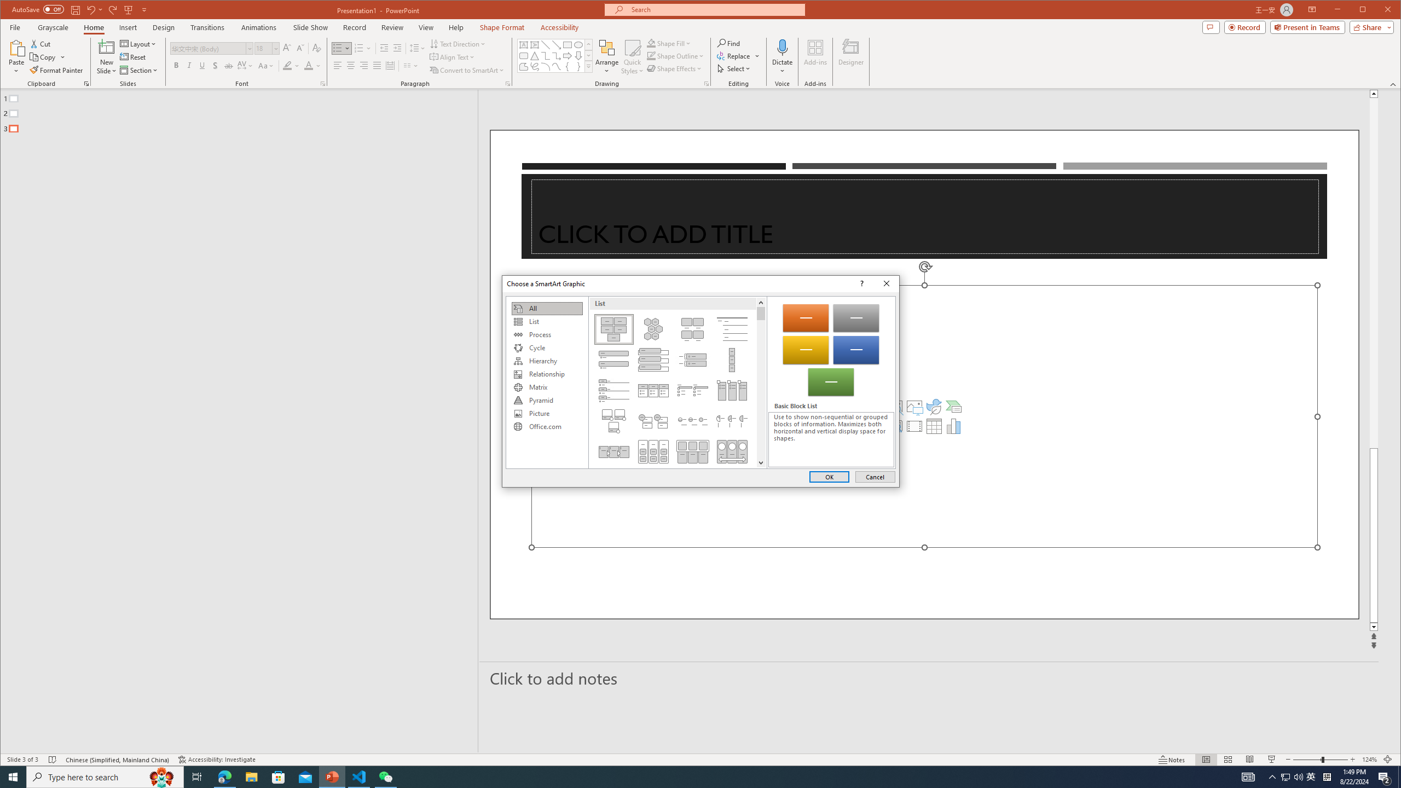 This screenshot has width=1401, height=788. What do you see at coordinates (781, 56) in the screenshot?
I see `'Dictate'` at bounding box center [781, 56].